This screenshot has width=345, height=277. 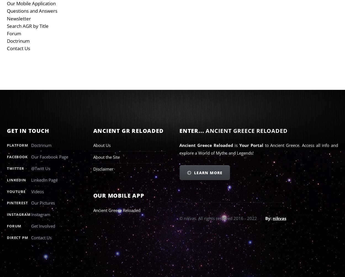 I want to click on 'Questions and Answers', so click(x=32, y=11).